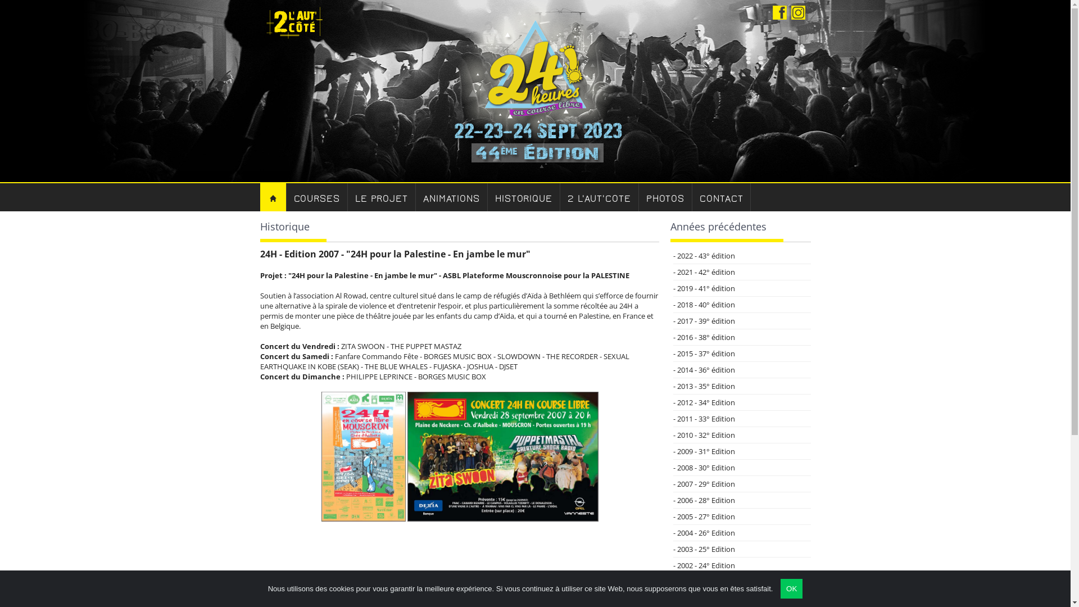  Describe the element at coordinates (452, 197) in the screenshot. I see `'ANIMATIONS'` at that location.